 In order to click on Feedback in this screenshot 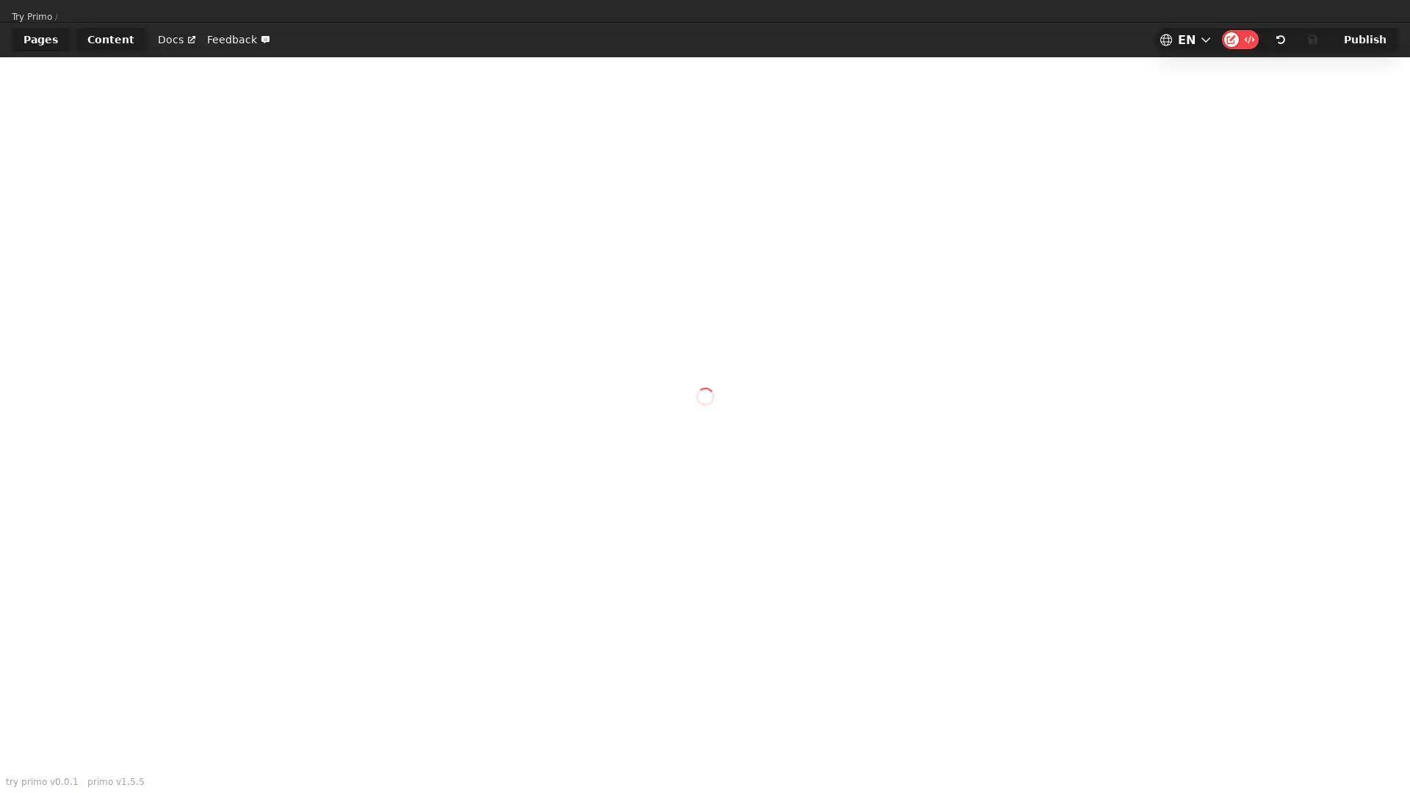, I will do `click(238, 39)`.